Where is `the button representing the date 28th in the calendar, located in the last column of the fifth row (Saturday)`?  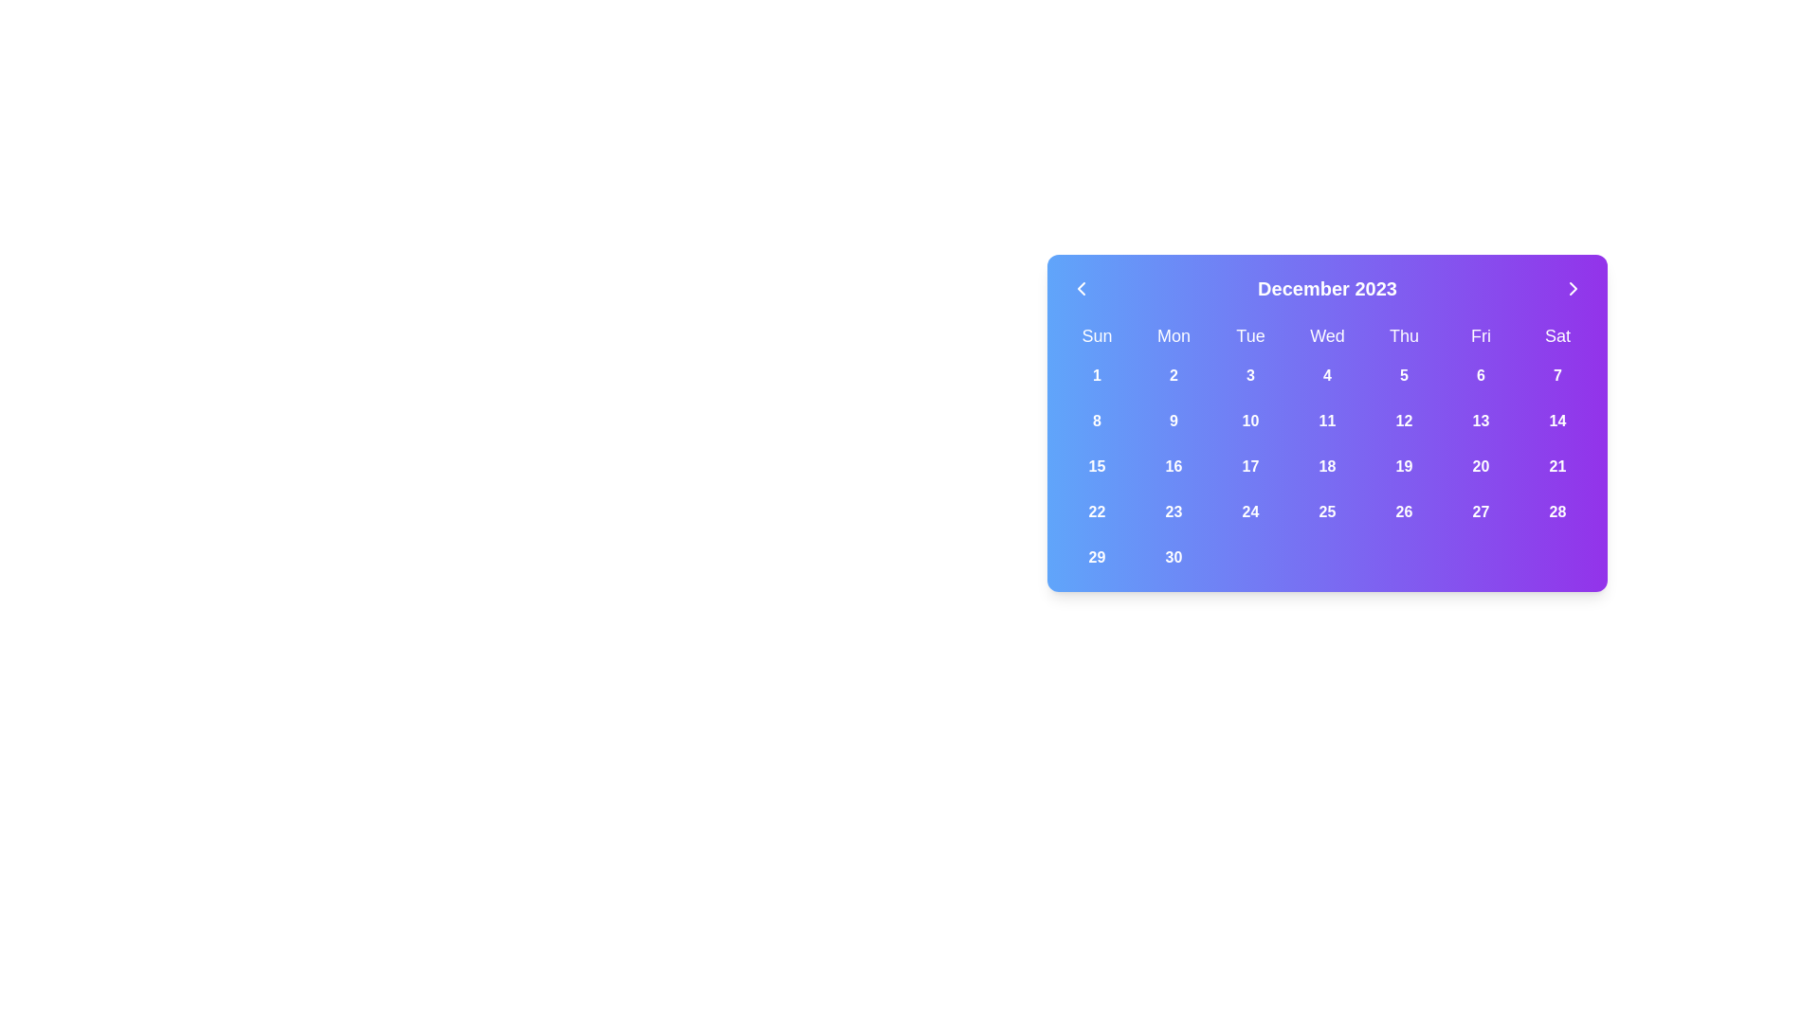
the button representing the date 28th in the calendar, located in the last column of the fifth row (Saturday) is located at coordinates (1557, 511).